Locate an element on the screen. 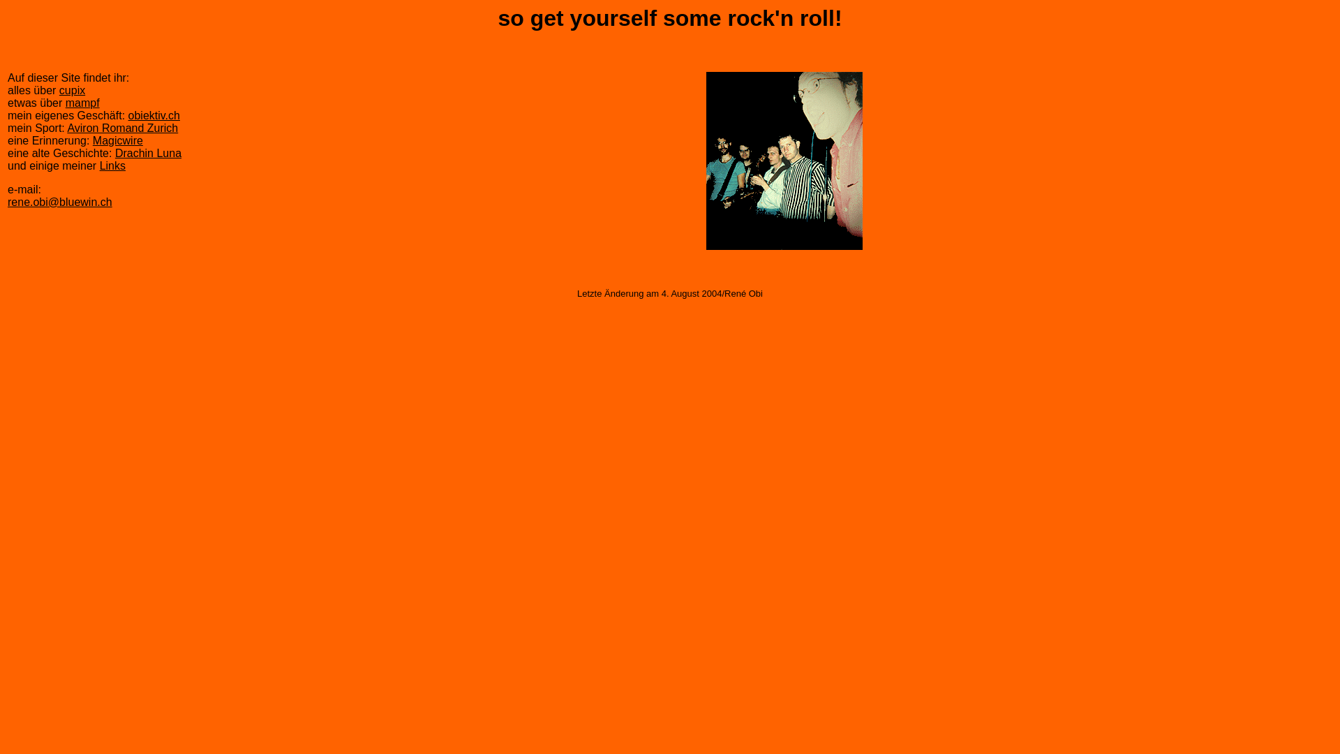 This screenshot has width=1340, height=754. 'rene.obi@bluewin.ch' is located at coordinates (59, 202).